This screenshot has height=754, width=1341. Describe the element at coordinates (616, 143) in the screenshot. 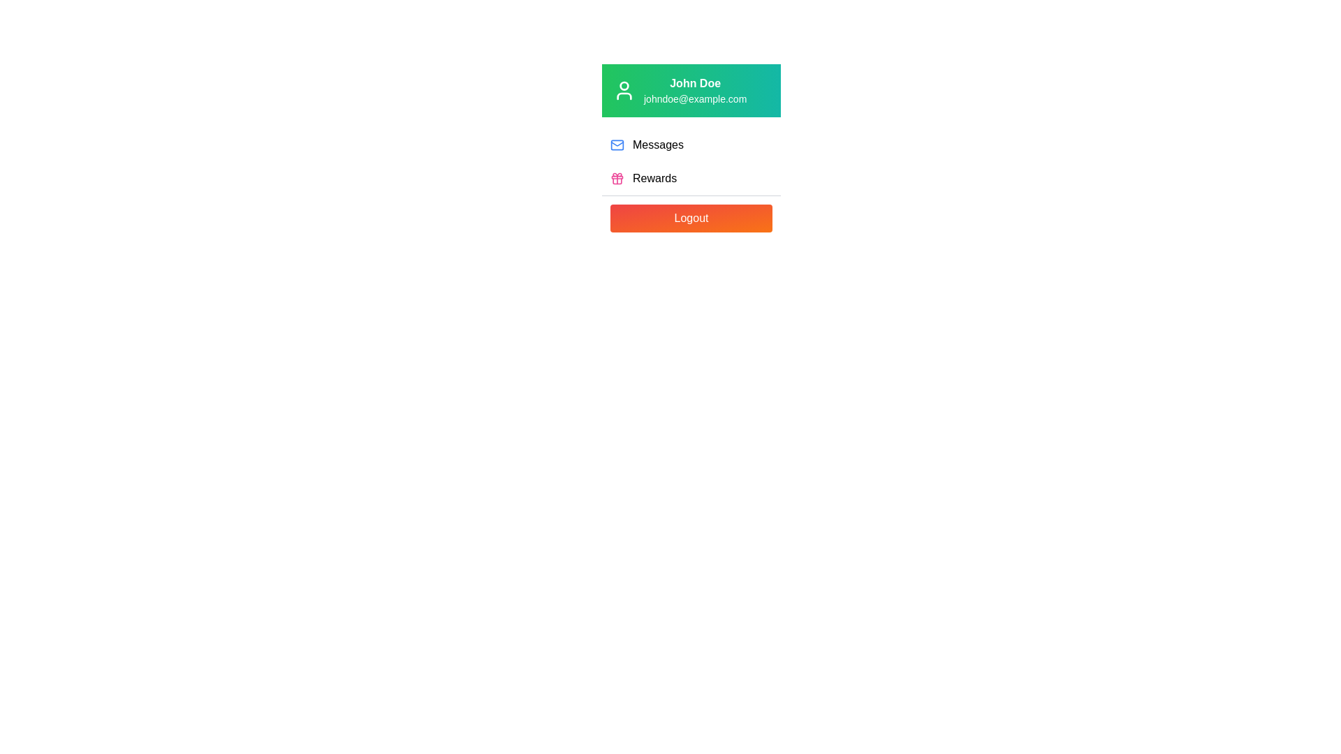

I see `the decorative email envelope icon located next to the 'Messages' label in the interface` at that location.